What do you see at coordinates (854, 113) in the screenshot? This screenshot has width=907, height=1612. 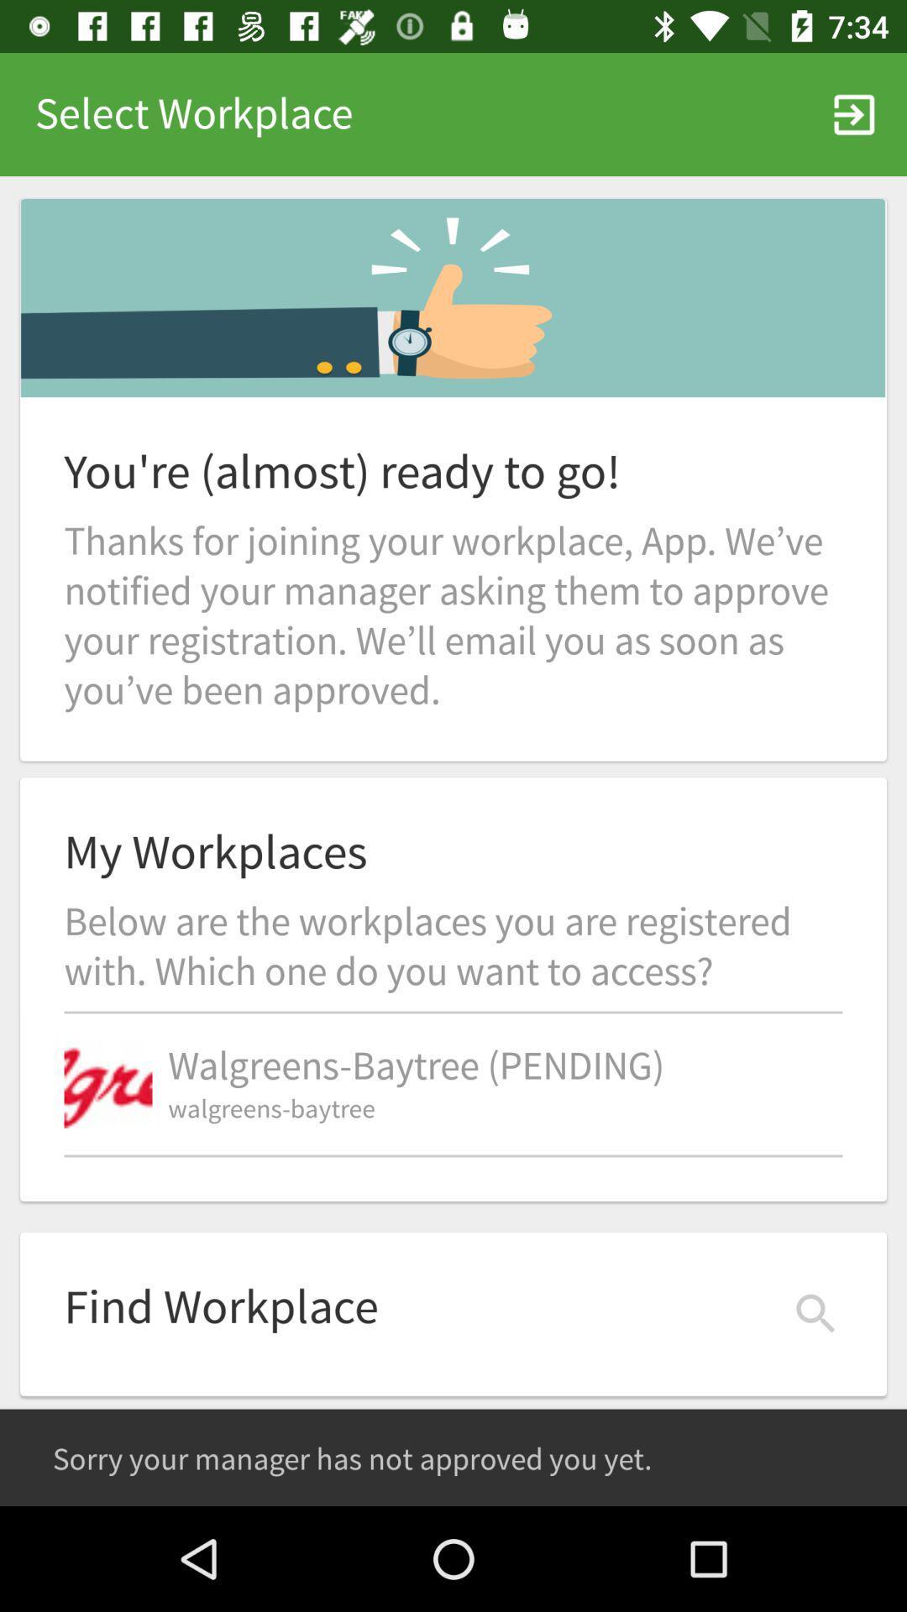 I see `item at the top right corner` at bounding box center [854, 113].